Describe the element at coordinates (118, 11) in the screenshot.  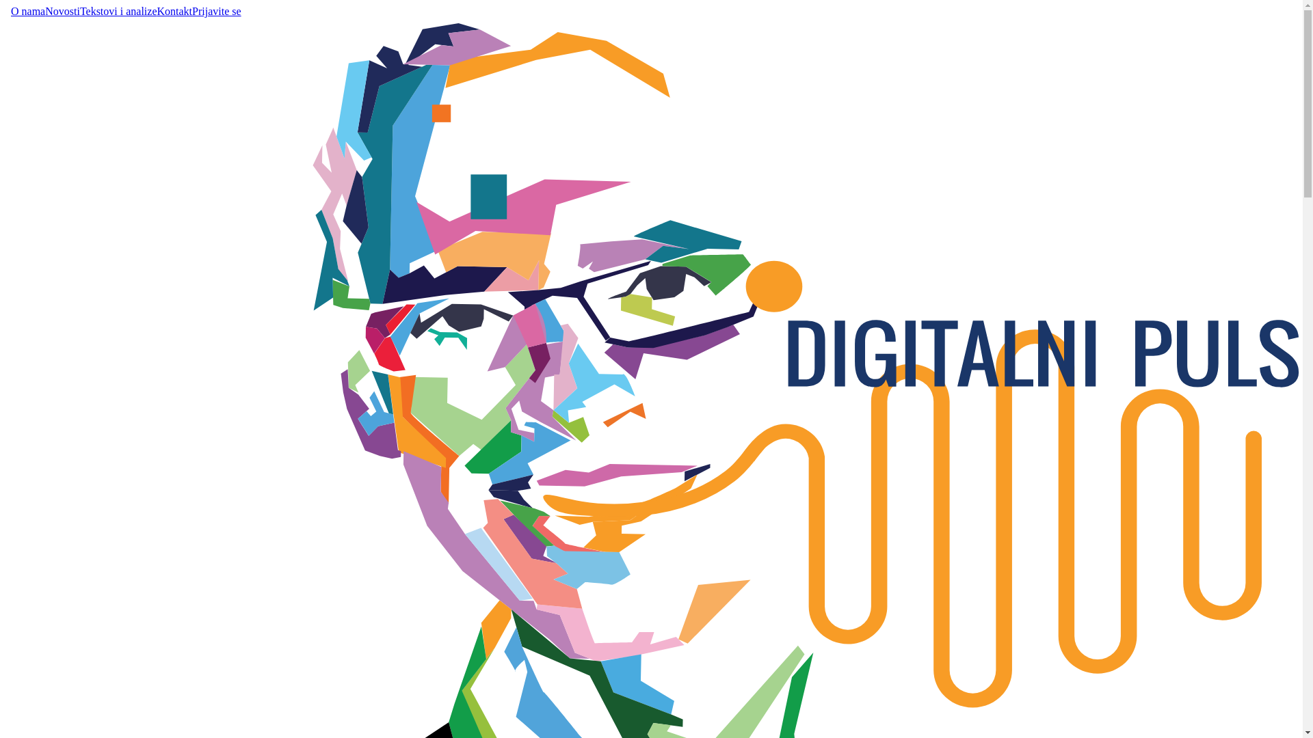
I see `'Tekstovi i analize'` at that location.